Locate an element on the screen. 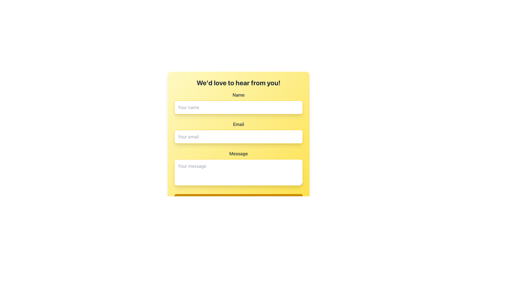 This screenshot has height=299, width=532. the text label displaying 'Name' in black on a yellow background, positioned above the input field with placeholder text 'Your name.' is located at coordinates (238, 95).